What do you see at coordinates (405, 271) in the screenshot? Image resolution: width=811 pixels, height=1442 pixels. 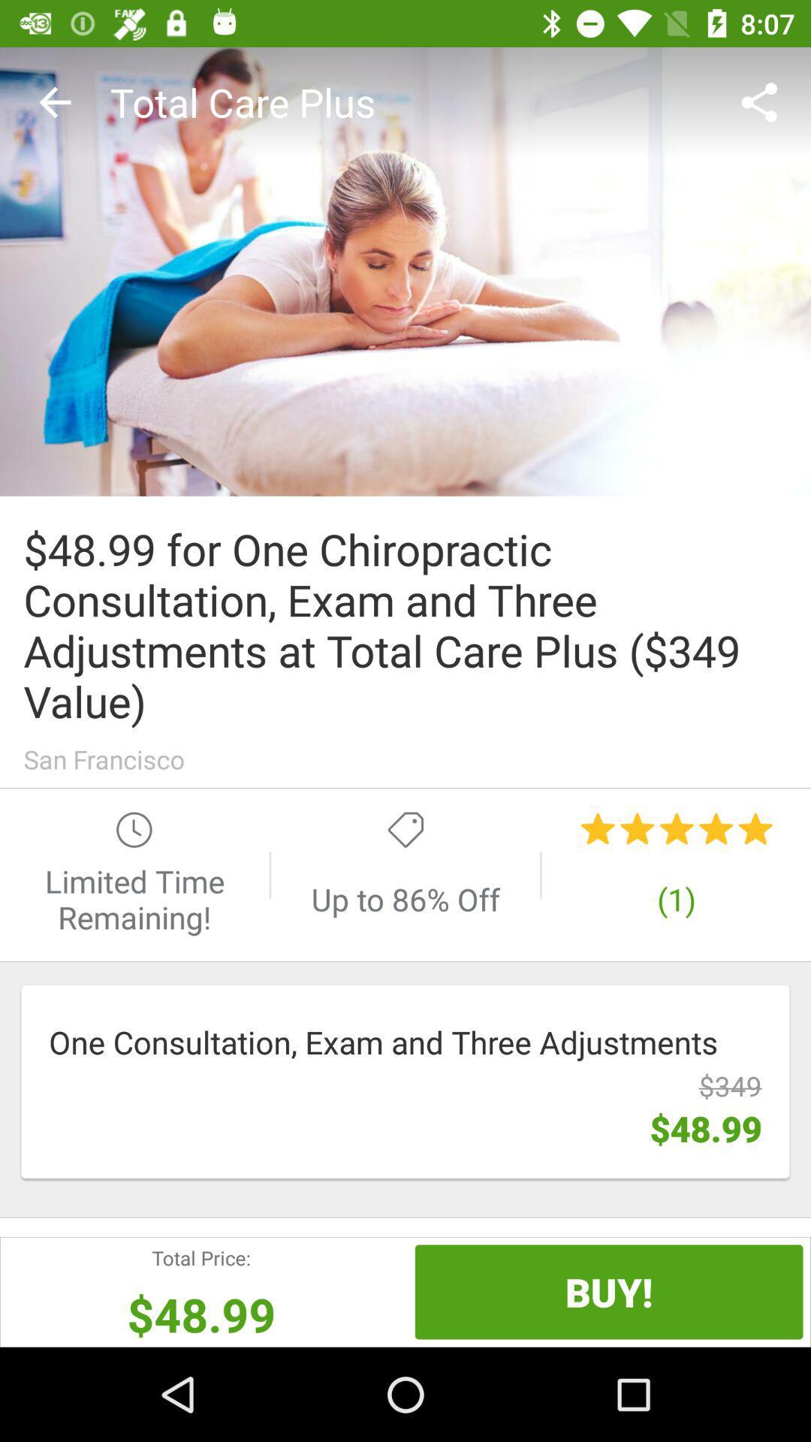 I see `icon above 48 99 for` at bounding box center [405, 271].